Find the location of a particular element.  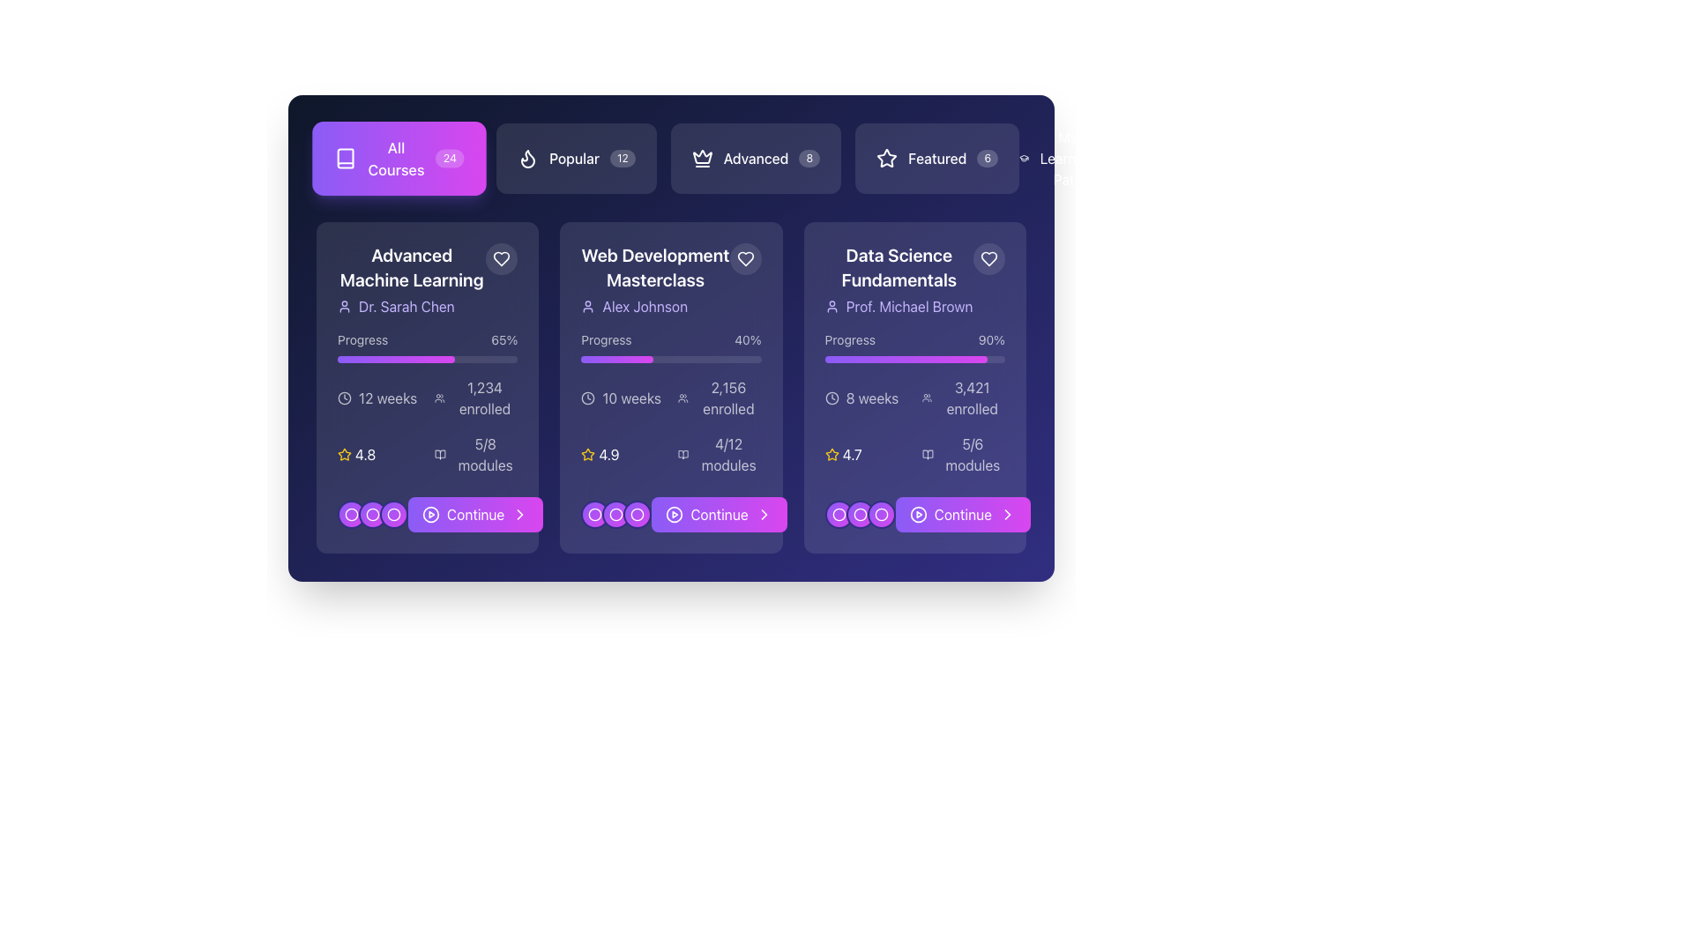

the star icon representing the rating score '4.7' for the 'Data Science Fundamentals' course located at the bottom section of the course card is located at coordinates (831, 454).